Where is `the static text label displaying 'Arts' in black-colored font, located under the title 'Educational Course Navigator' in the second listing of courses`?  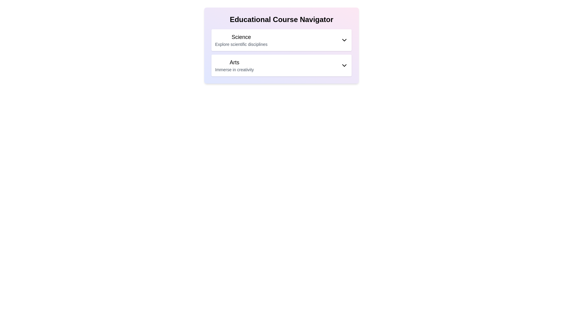 the static text label displaying 'Arts' in black-colored font, located under the title 'Educational Course Navigator' in the second listing of courses is located at coordinates (234, 62).